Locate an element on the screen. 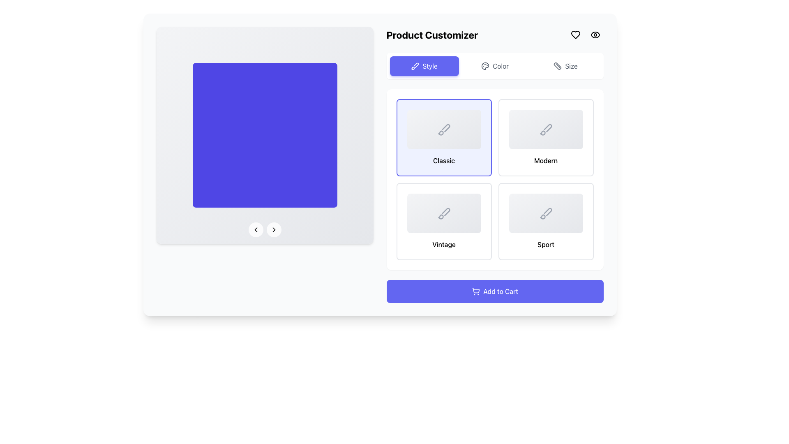 Image resolution: width=789 pixels, height=444 pixels. the first navigational button on the left side is located at coordinates (255, 230).